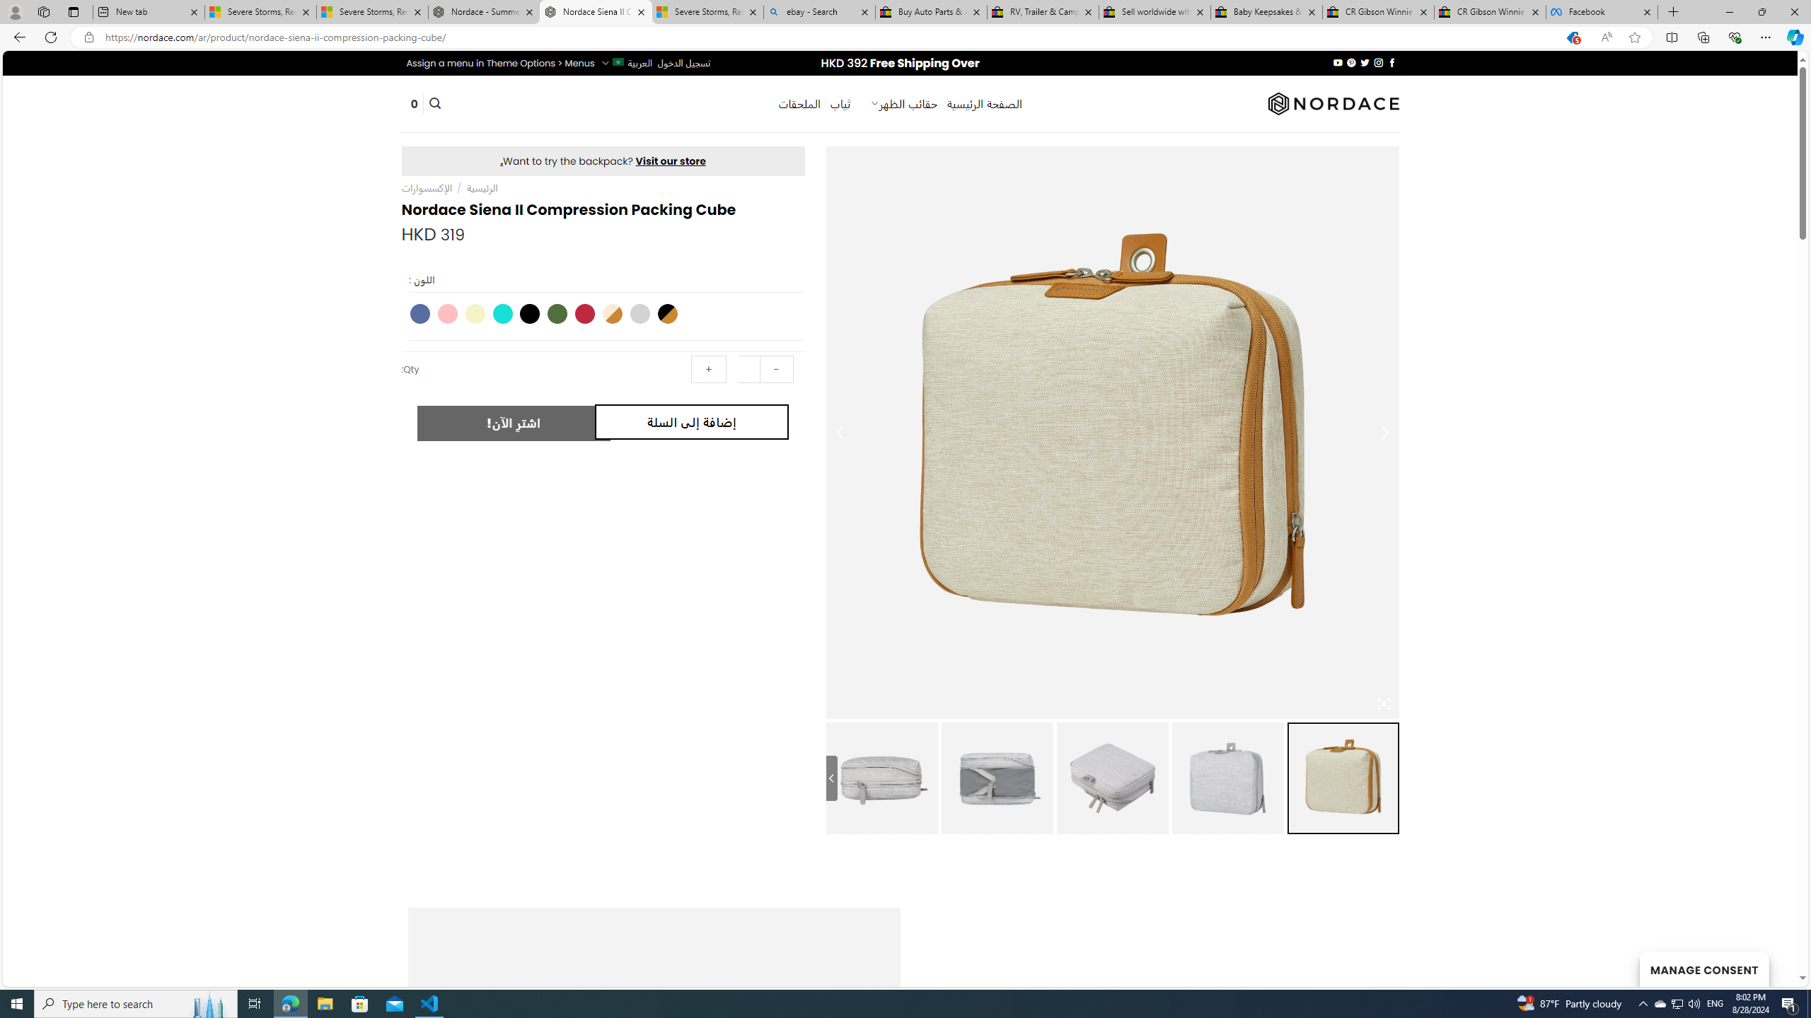 The height and width of the screenshot is (1018, 1811). Describe the element at coordinates (50, 36) in the screenshot. I see `'Refresh'` at that location.